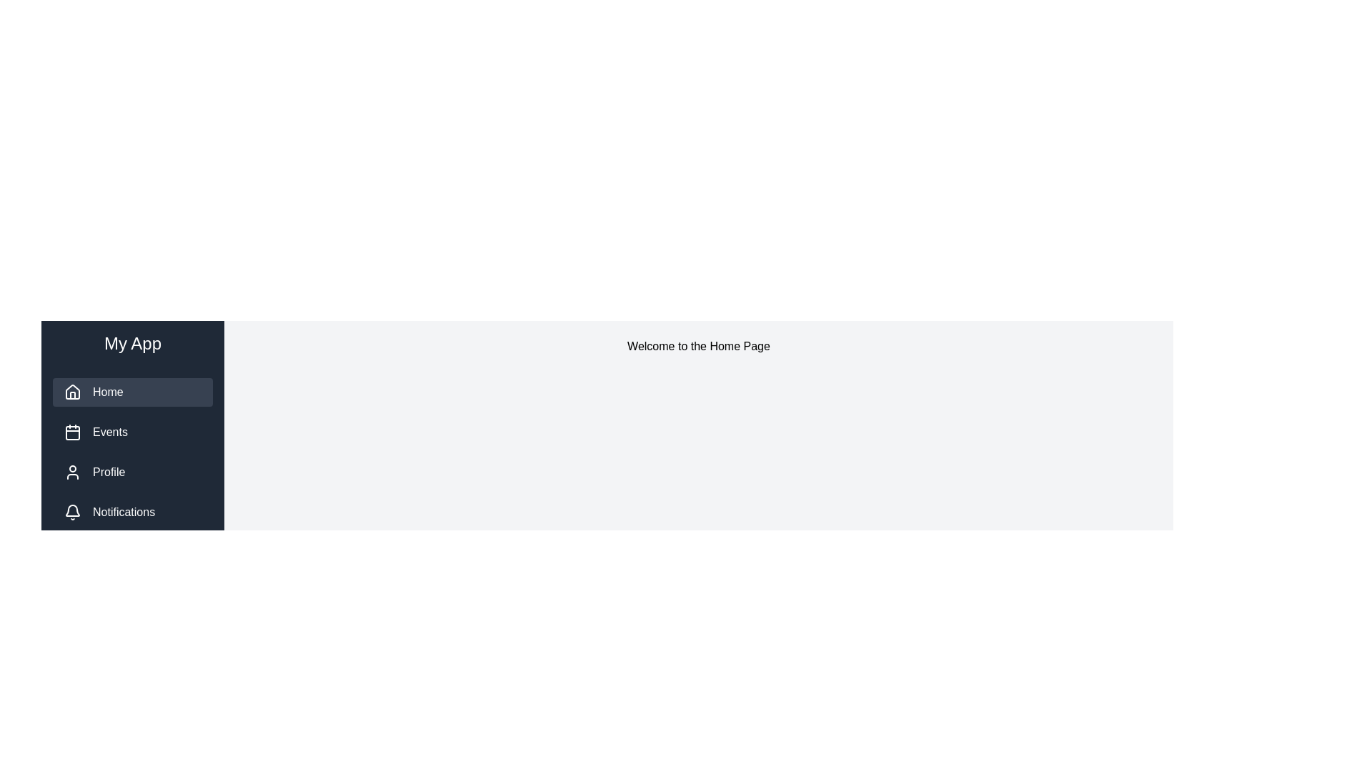 Image resolution: width=1372 pixels, height=772 pixels. Describe the element at coordinates (71, 391) in the screenshot. I see `the home icon in the 'My App' sidebar menu, which represents the home menu option` at that location.